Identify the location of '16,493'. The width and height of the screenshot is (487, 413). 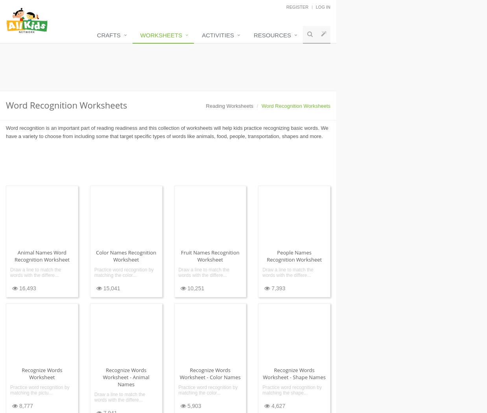
(26, 288).